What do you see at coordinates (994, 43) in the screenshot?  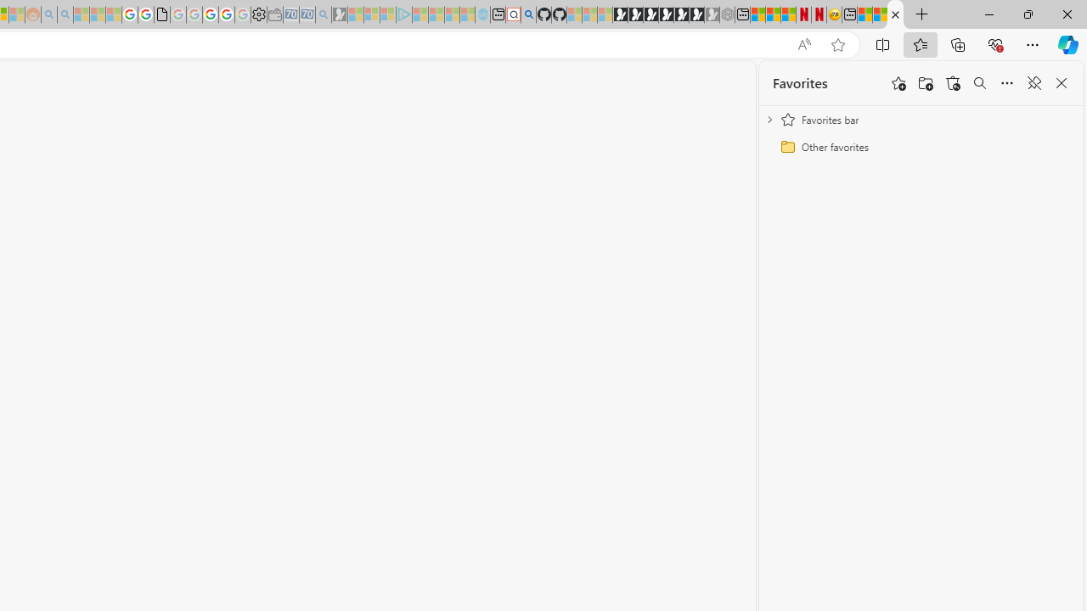 I see `'Browser essentials'` at bounding box center [994, 43].